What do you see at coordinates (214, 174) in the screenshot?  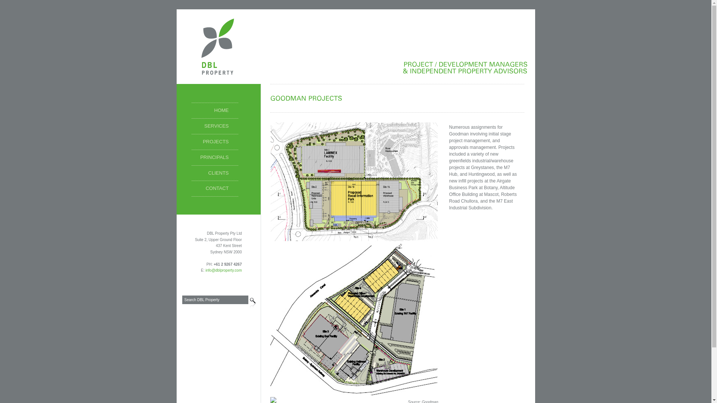 I see `'CLIENTS'` at bounding box center [214, 174].